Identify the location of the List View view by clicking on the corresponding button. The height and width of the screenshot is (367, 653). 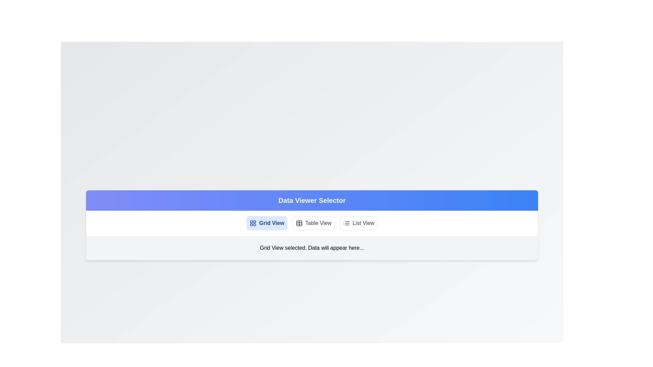
(358, 223).